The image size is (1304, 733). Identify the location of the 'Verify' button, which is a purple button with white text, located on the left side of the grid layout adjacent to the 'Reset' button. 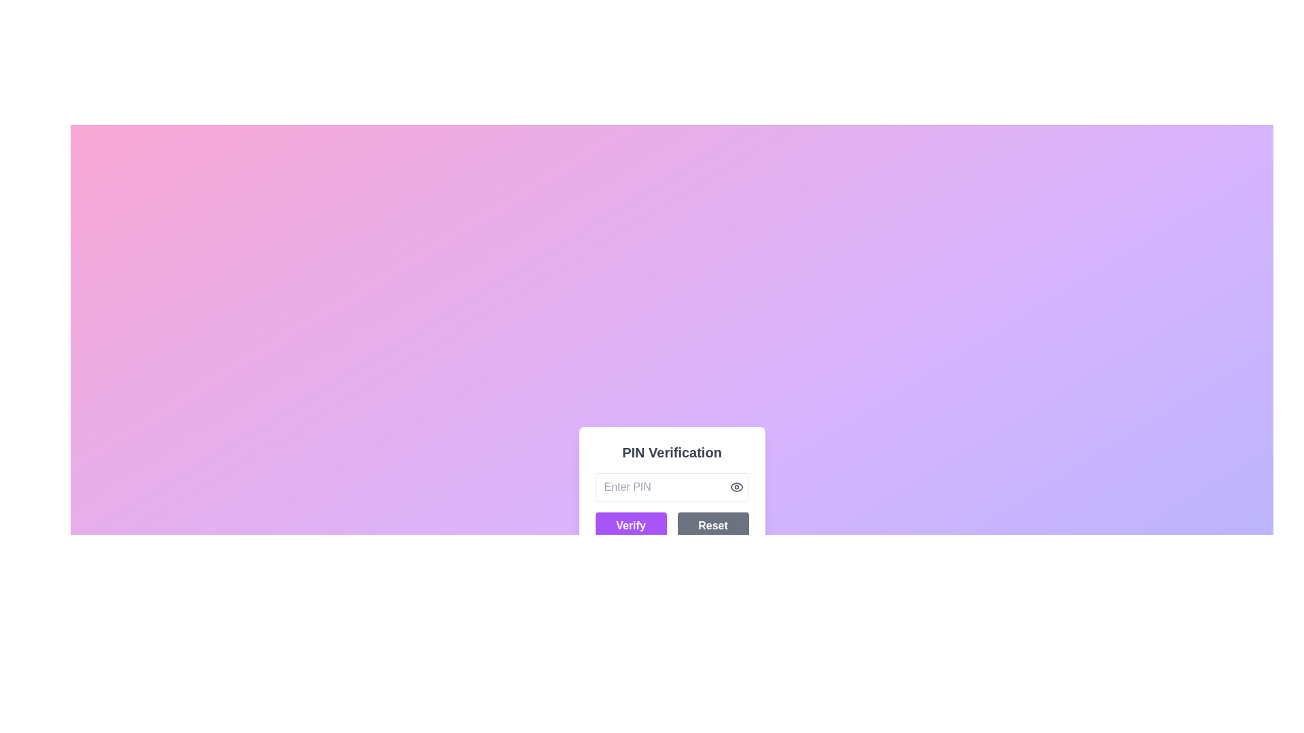
(630, 525).